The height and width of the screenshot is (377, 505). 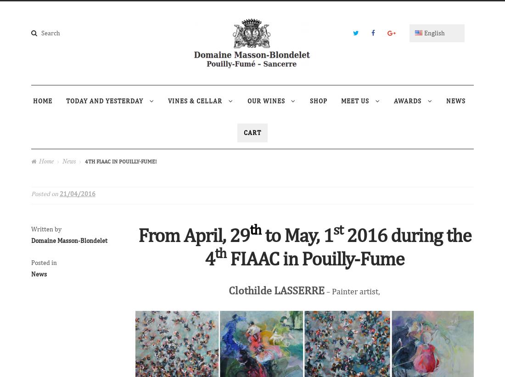 What do you see at coordinates (68, 240) in the screenshot?
I see `'Domaine Masson-Blondelet'` at bounding box center [68, 240].